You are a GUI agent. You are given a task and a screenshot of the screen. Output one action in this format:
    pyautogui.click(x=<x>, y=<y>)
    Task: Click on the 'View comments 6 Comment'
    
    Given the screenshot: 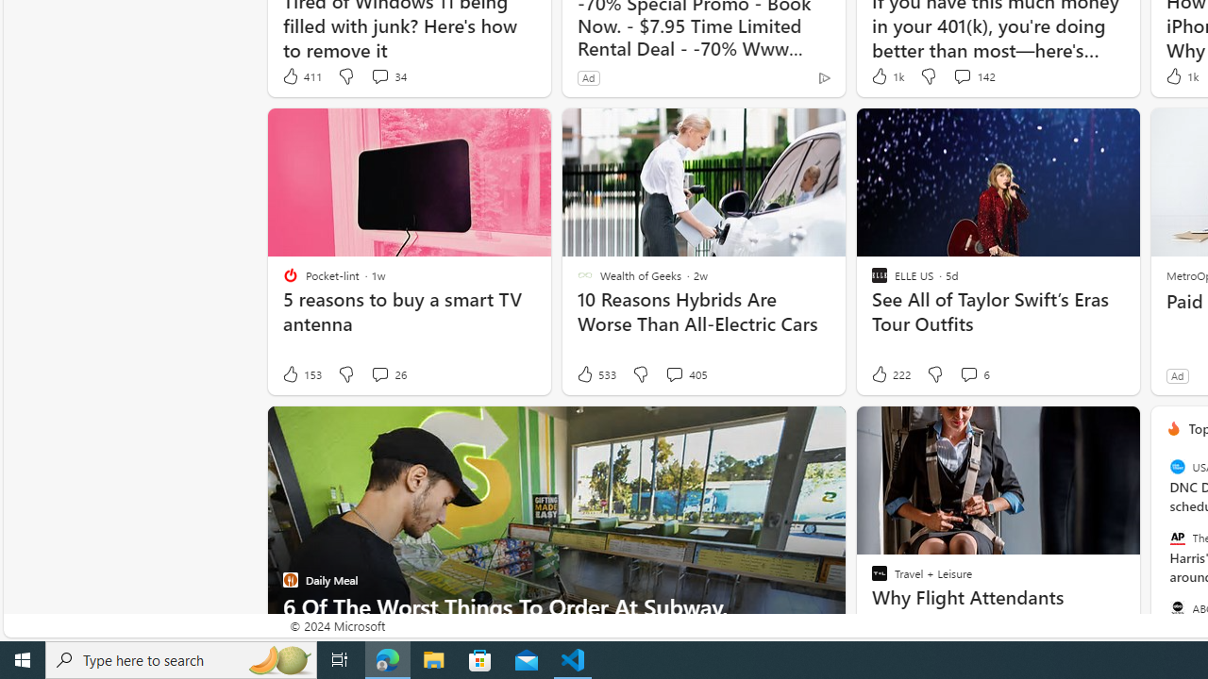 What is the action you would take?
    pyautogui.click(x=968, y=374)
    